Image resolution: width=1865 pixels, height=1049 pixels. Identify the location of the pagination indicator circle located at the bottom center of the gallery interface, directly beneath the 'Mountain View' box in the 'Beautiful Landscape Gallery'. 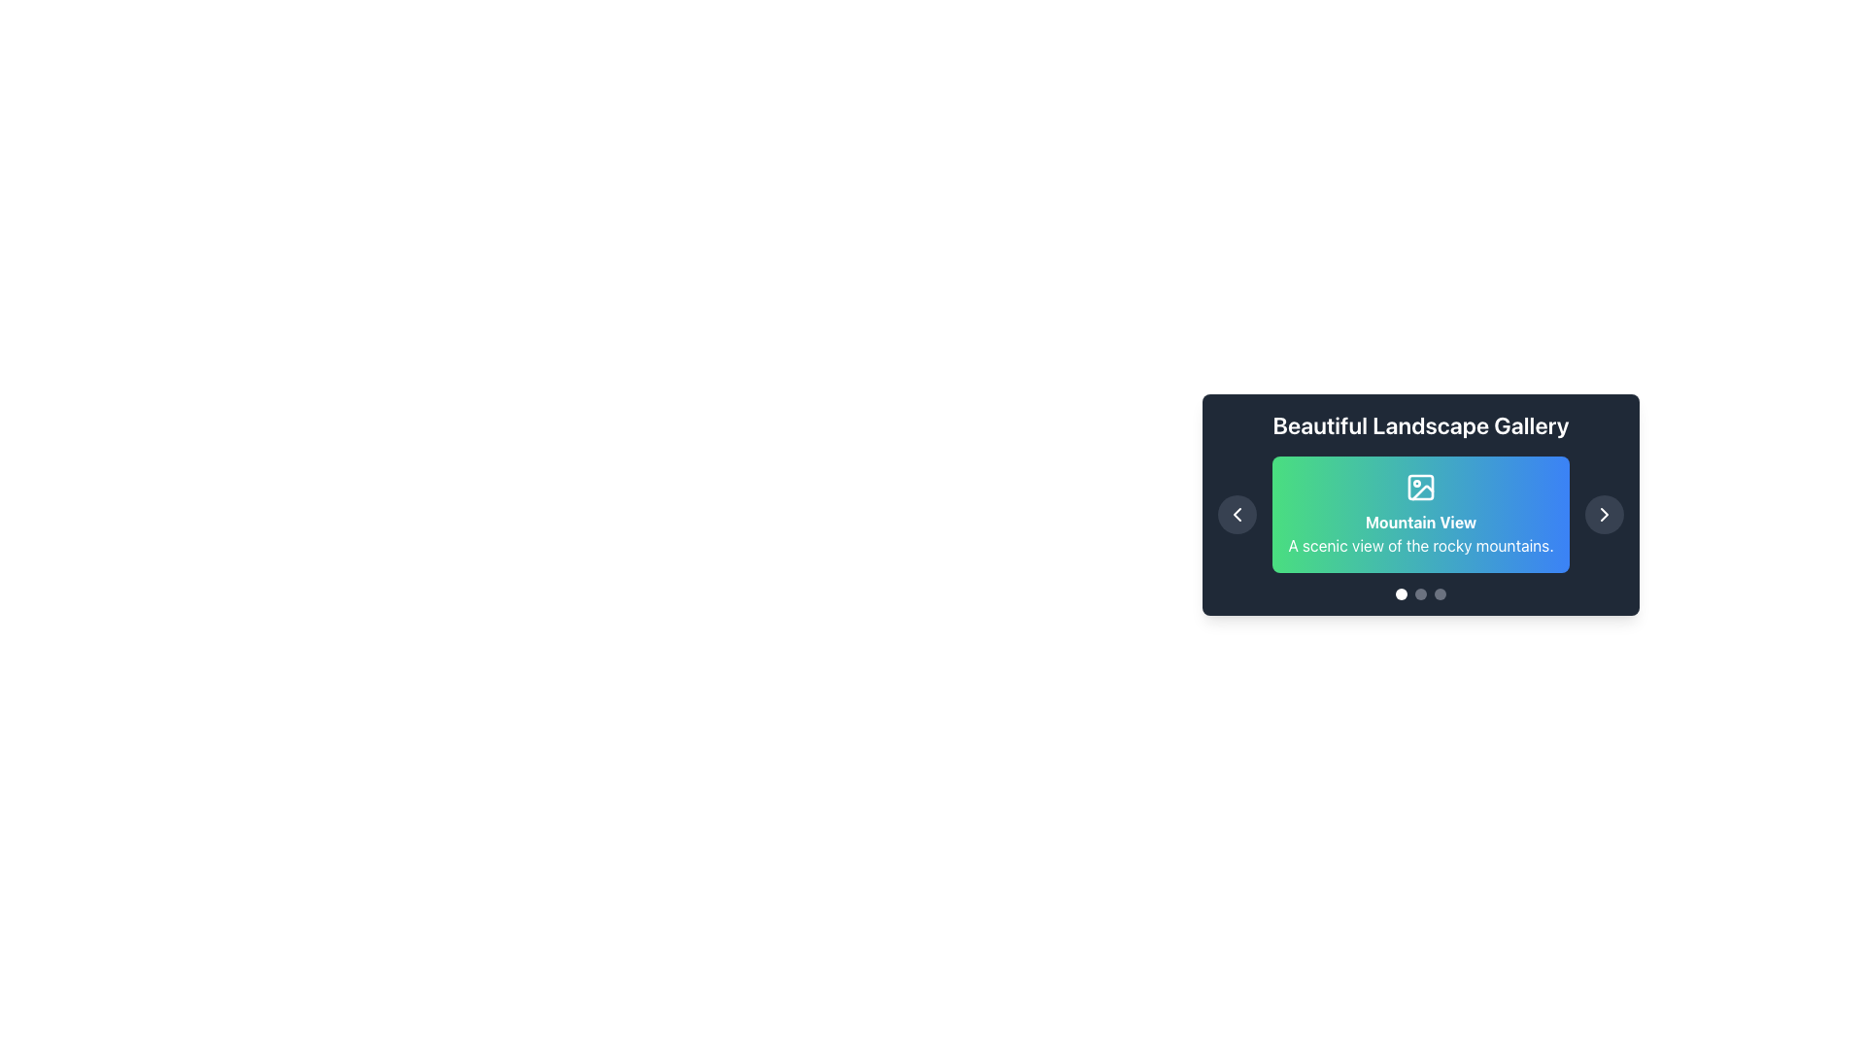
(1421, 593).